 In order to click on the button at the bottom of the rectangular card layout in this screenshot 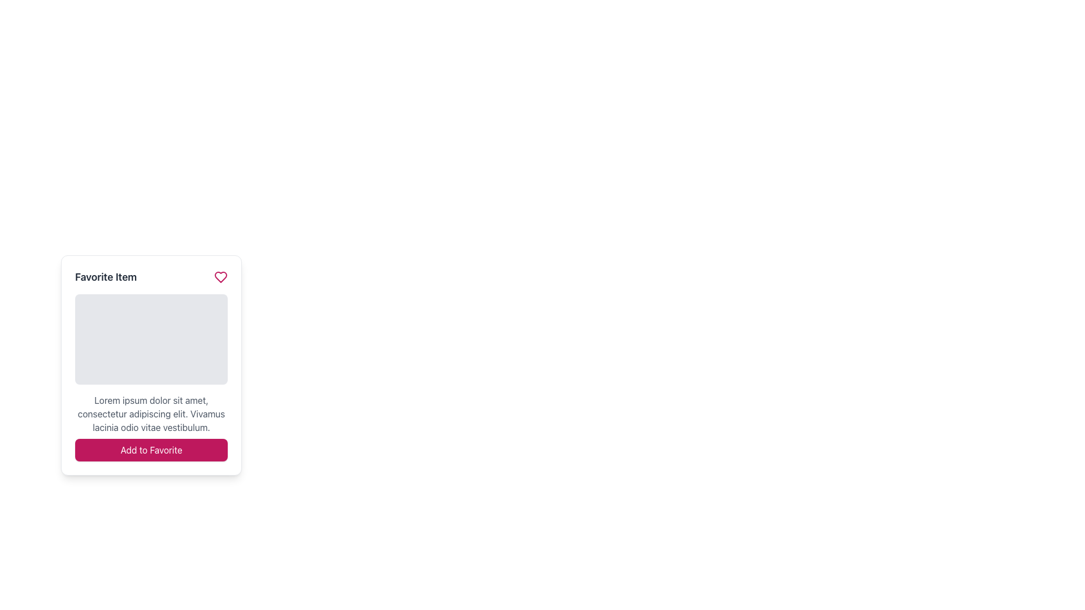, I will do `click(151, 450)`.